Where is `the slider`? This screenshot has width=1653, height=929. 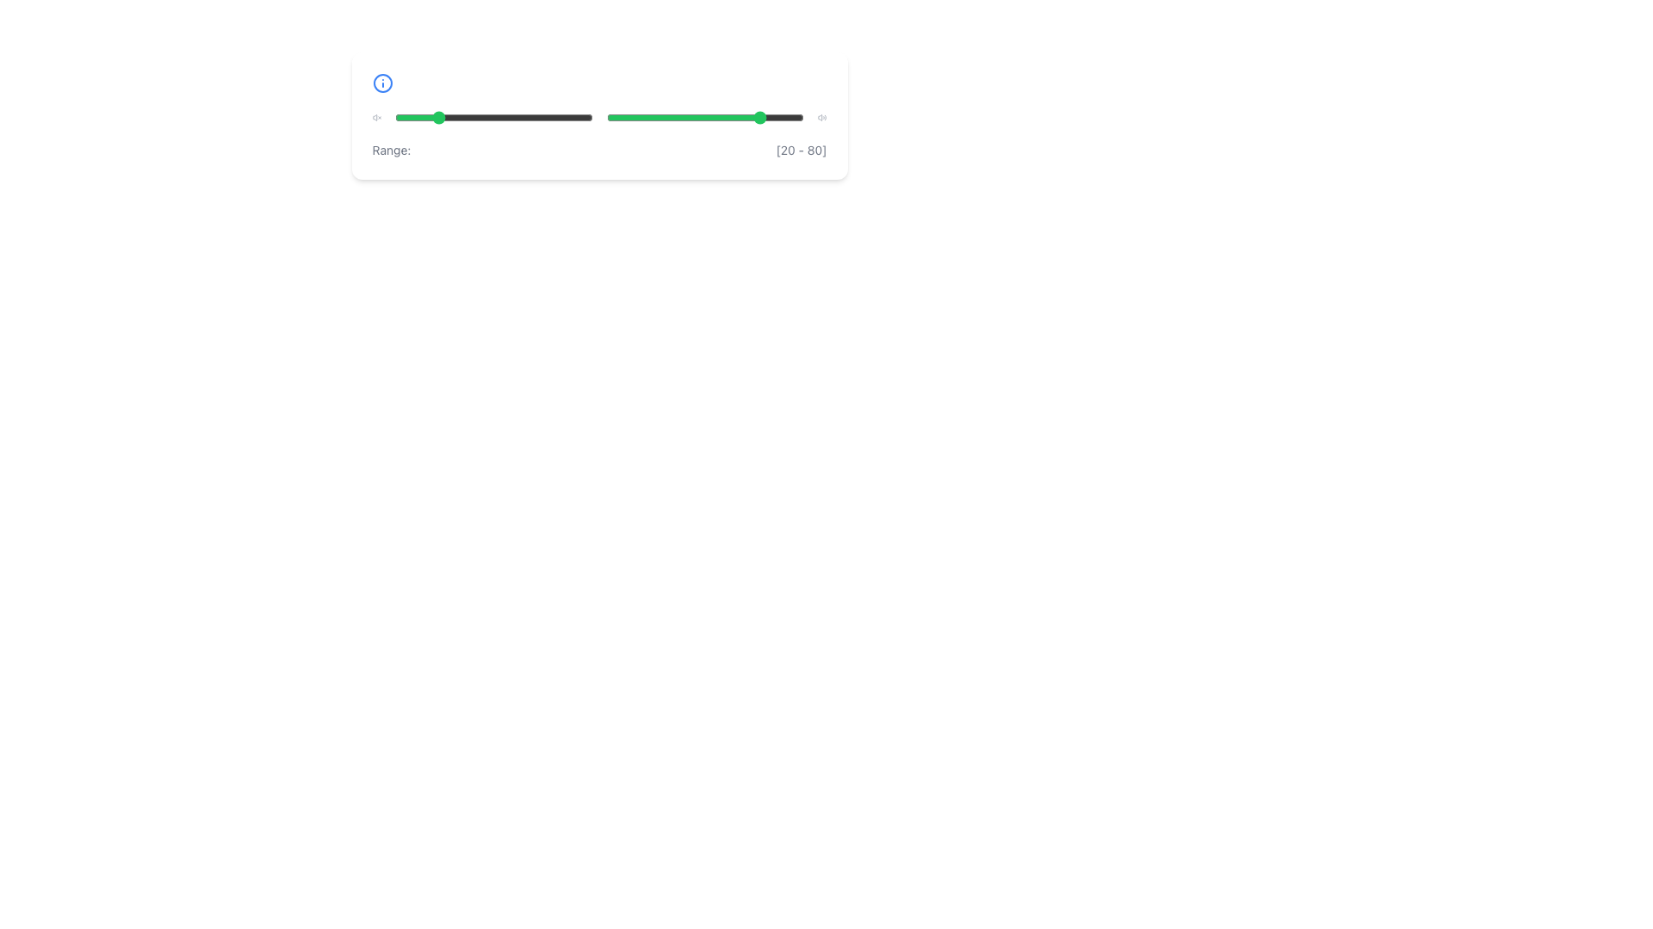
the slider is located at coordinates (471, 117).